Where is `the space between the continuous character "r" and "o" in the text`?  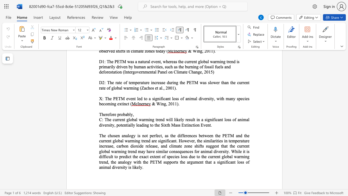
the space between the continuous character "r" and "o" in the text is located at coordinates (121, 114).